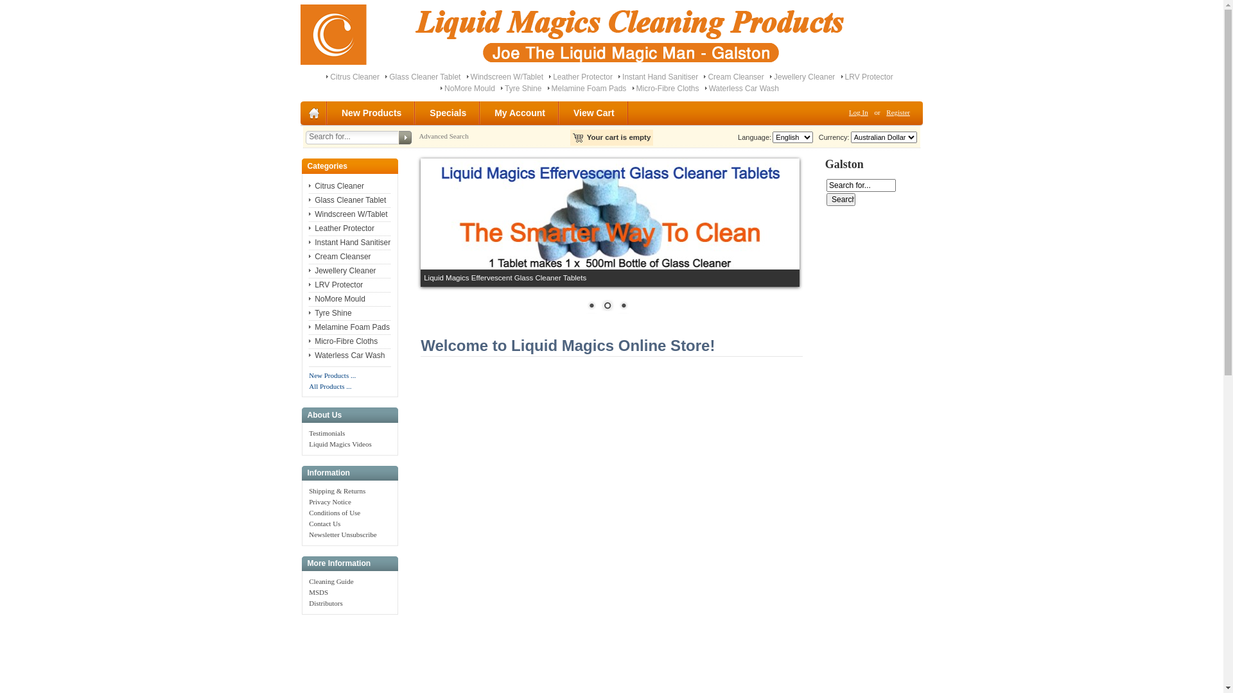 Image resolution: width=1233 pixels, height=693 pixels. I want to click on 'Micro-Fibre Cloths', so click(343, 341).